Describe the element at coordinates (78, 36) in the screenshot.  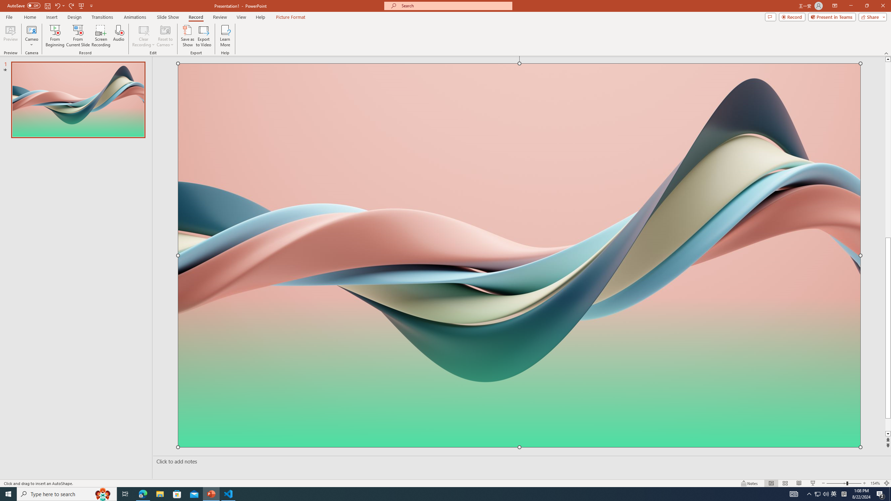
I see `'From Current Slide...'` at that location.